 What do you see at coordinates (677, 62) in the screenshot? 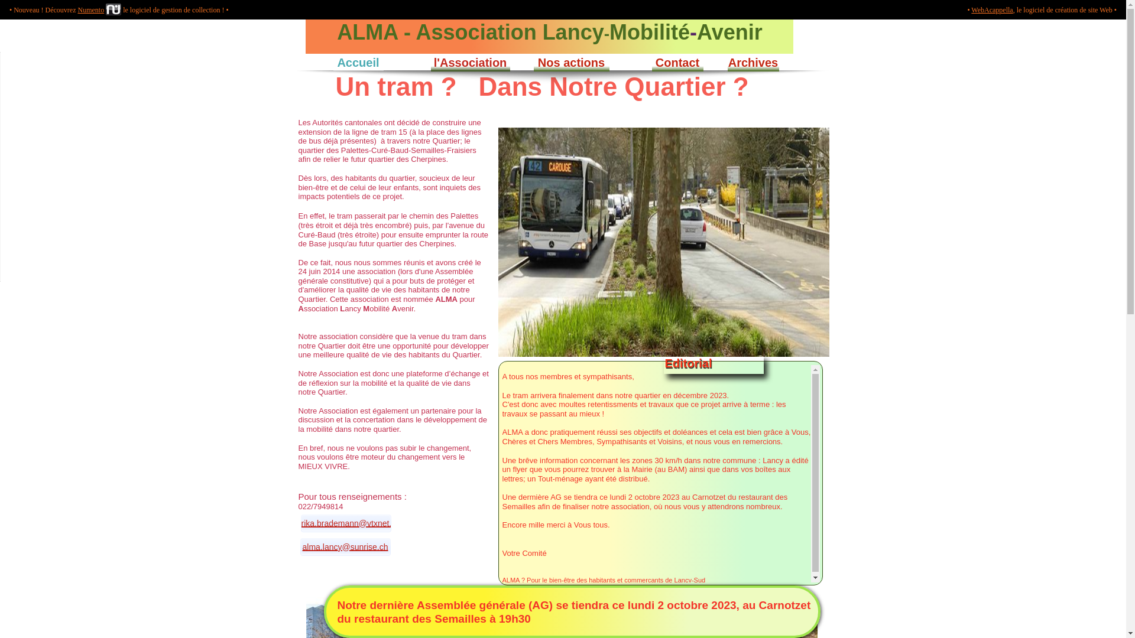
I see `'Contact'` at bounding box center [677, 62].